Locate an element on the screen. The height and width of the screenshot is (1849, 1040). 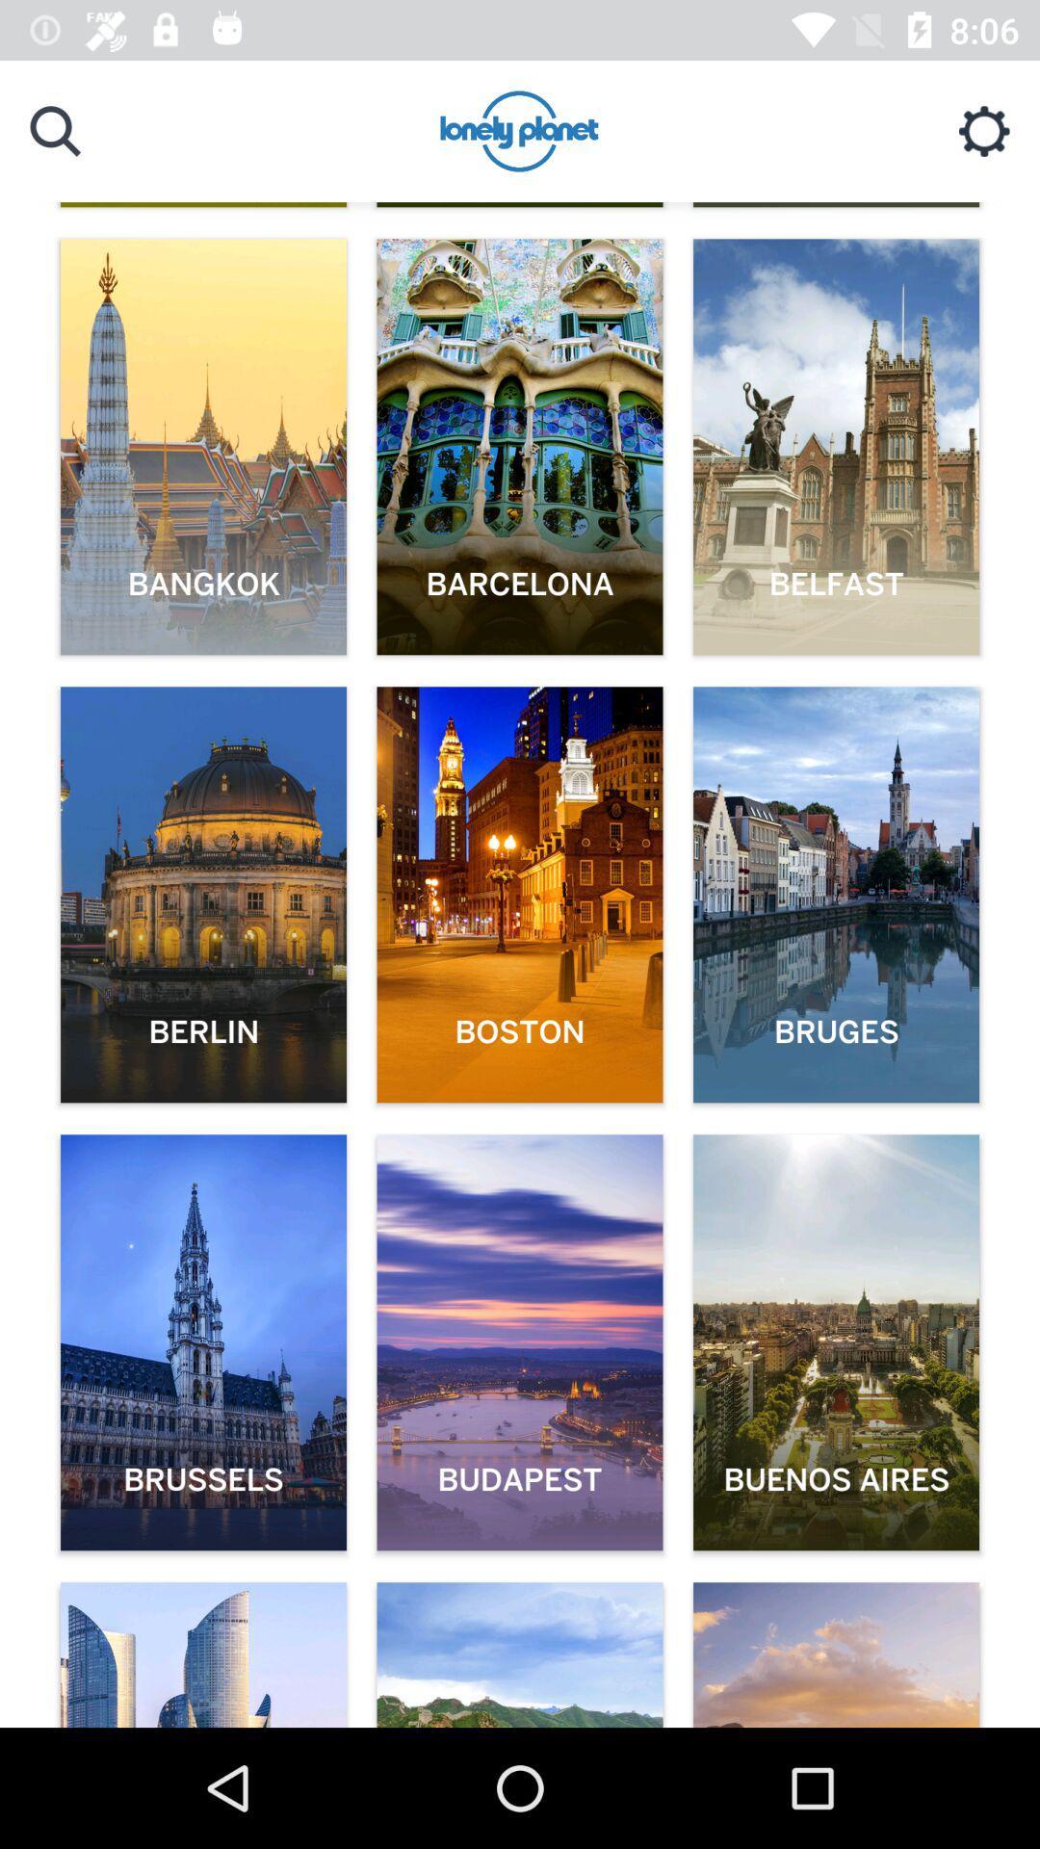
the settings icon is located at coordinates (984, 130).